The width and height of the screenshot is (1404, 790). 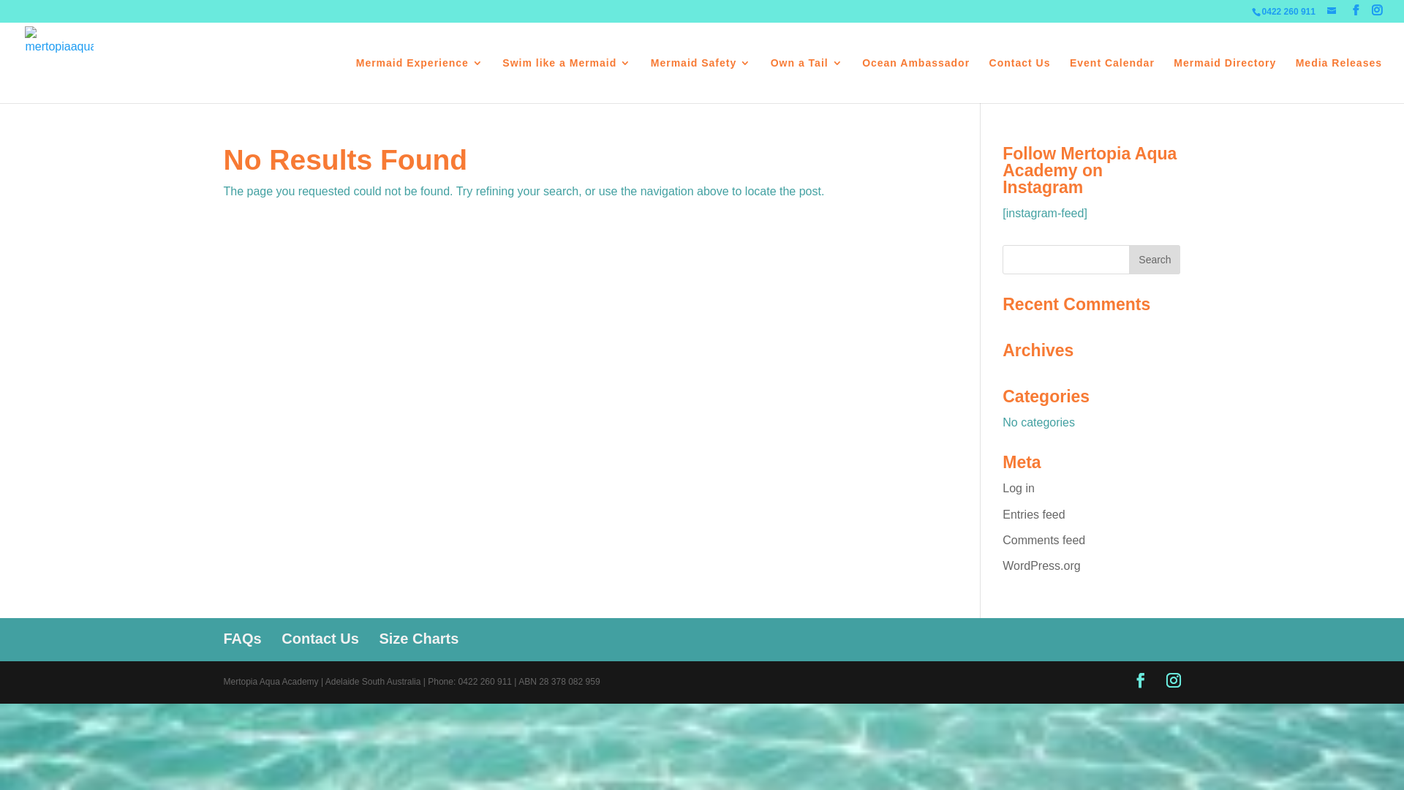 I want to click on 'Own a Tail', so click(x=806, y=80).